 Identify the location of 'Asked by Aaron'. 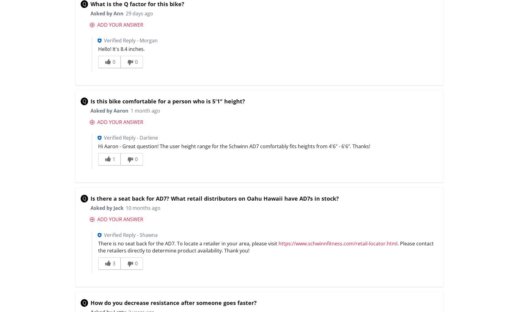
(90, 110).